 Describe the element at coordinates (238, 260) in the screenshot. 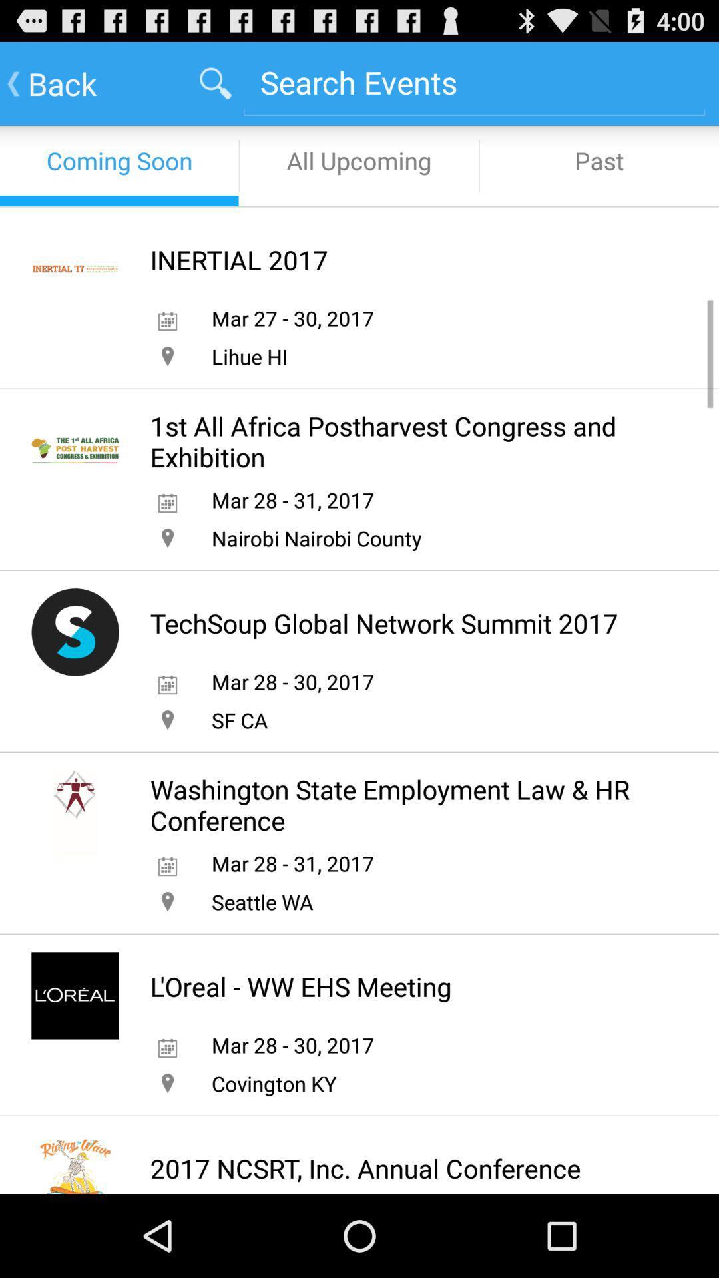

I see `inertial 2017 icon` at that location.